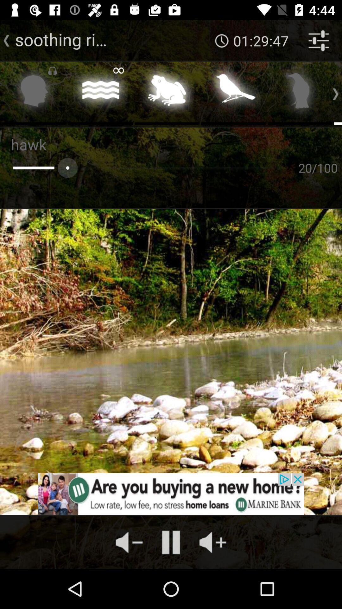 This screenshot has height=609, width=342. I want to click on bird sounds, so click(300, 92).